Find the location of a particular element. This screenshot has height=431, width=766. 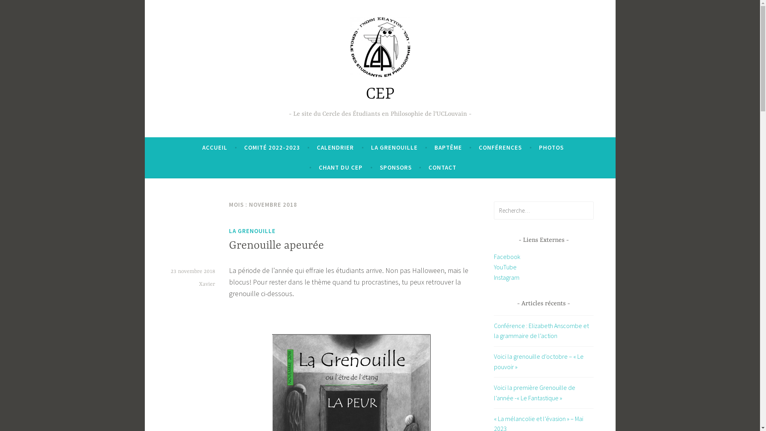

'23 novembre 2018' is located at coordinates (193, 271).